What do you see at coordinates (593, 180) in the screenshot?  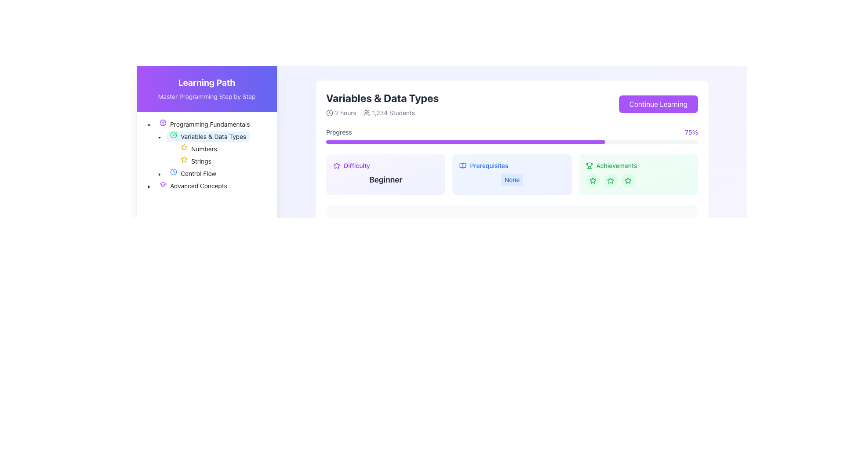 I see `the unselected green star-shaped icon located in the Achievements section` at bounding box center [593, 180].